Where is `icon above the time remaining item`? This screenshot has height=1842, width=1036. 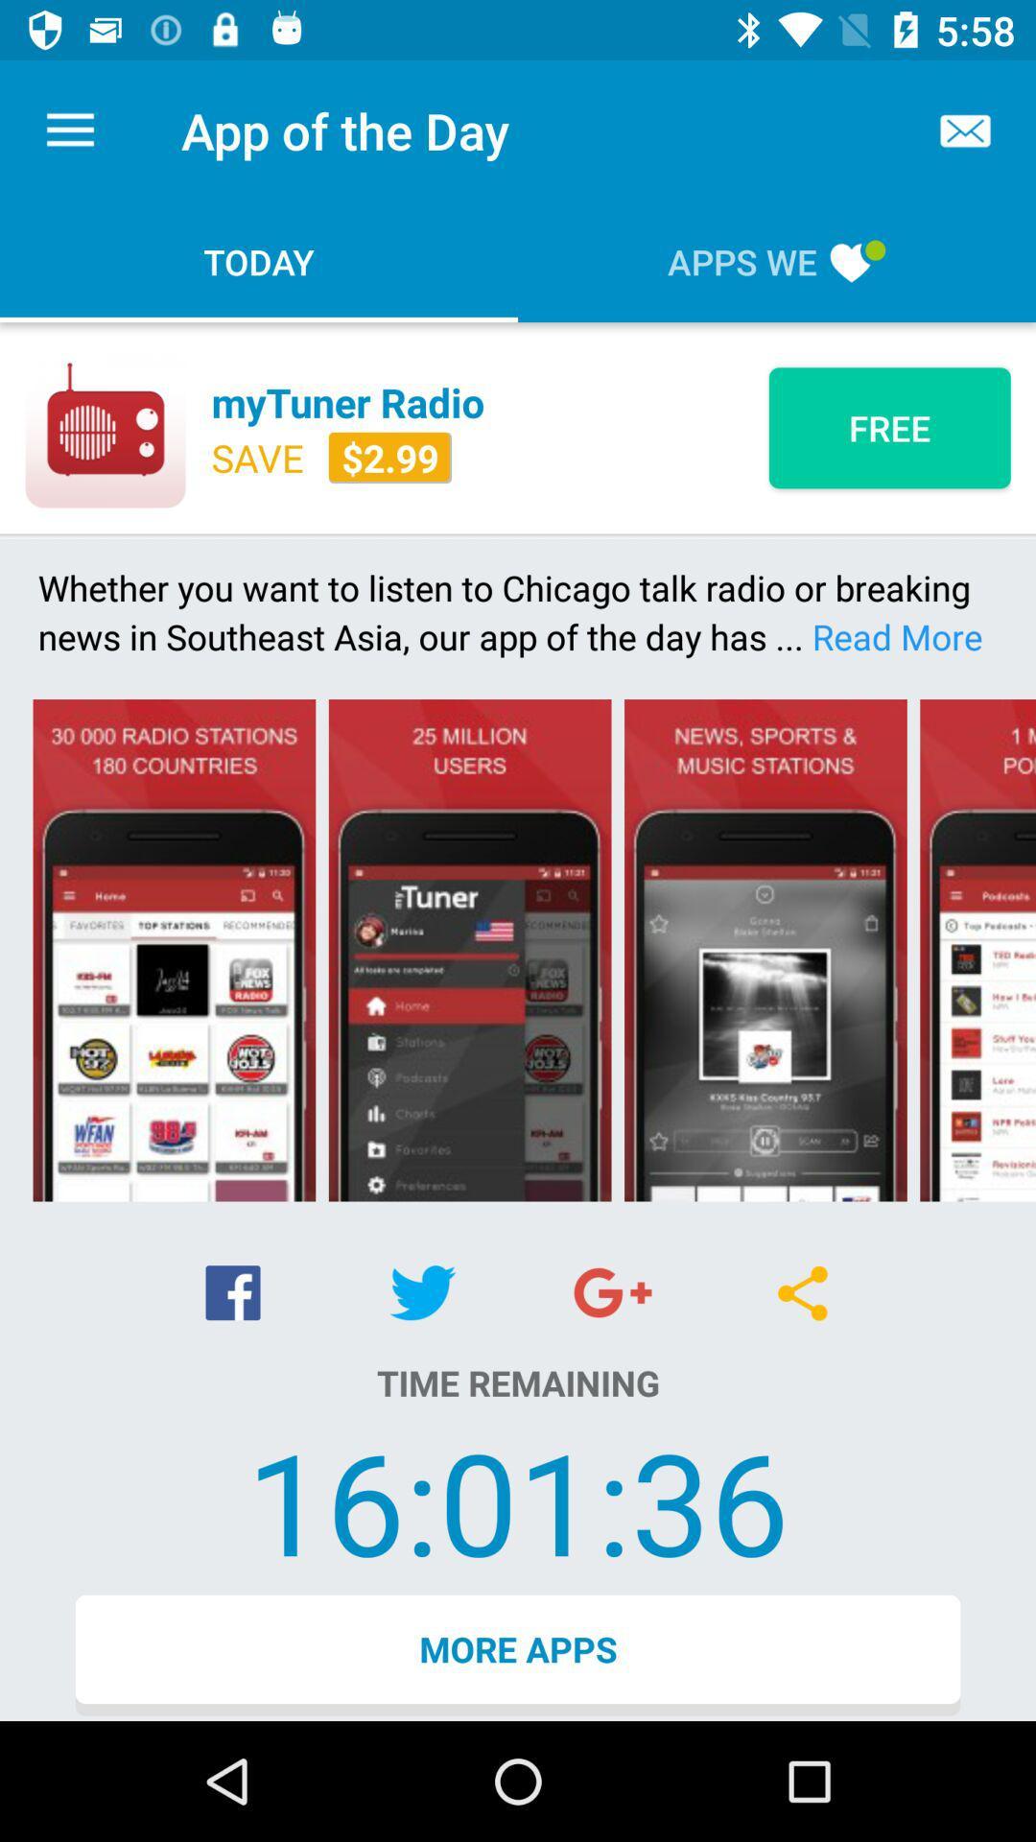 icon above the time remaining item is located at coordinates (232, 1292).